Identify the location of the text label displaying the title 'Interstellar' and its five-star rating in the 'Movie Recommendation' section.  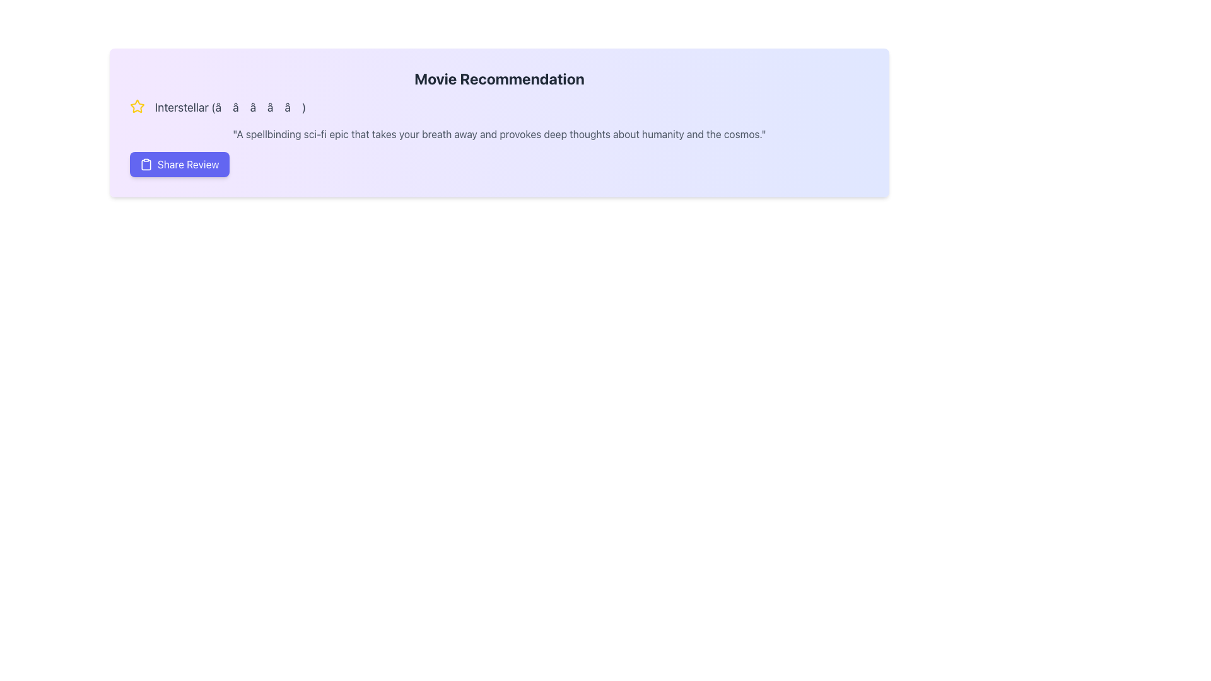
(230, 107).